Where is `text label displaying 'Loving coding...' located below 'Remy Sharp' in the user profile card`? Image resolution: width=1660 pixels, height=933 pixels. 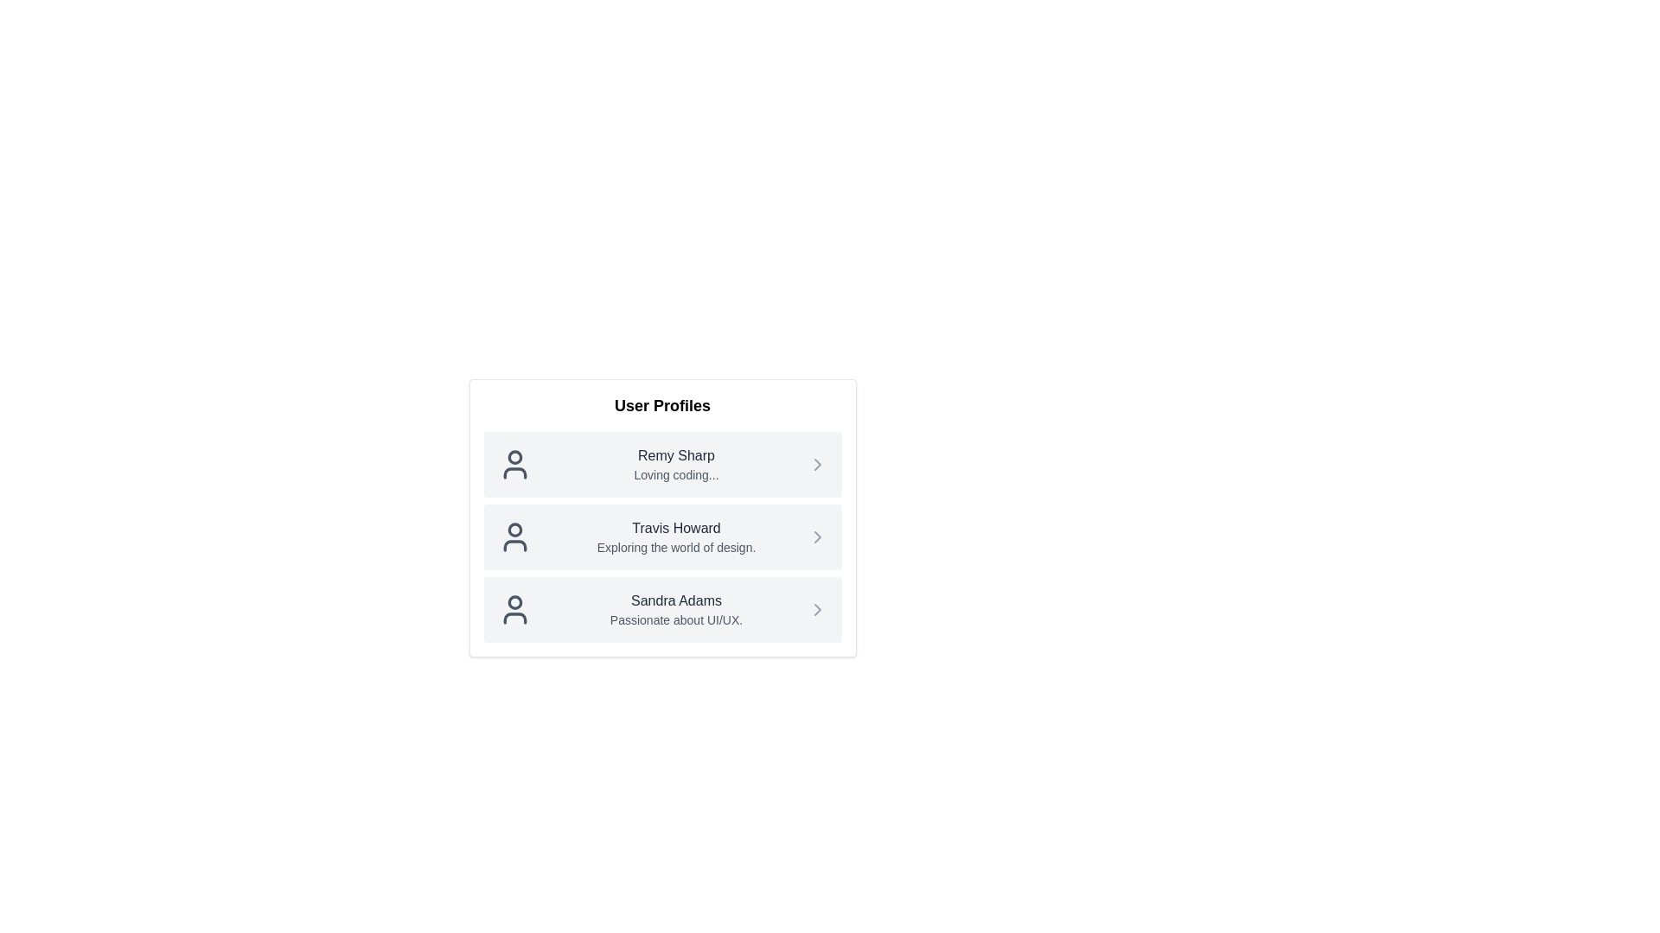 text label displaying 'Loving coding...' located below 'Remy Sharp' in the user profile card is located at coordinates (675, 475).